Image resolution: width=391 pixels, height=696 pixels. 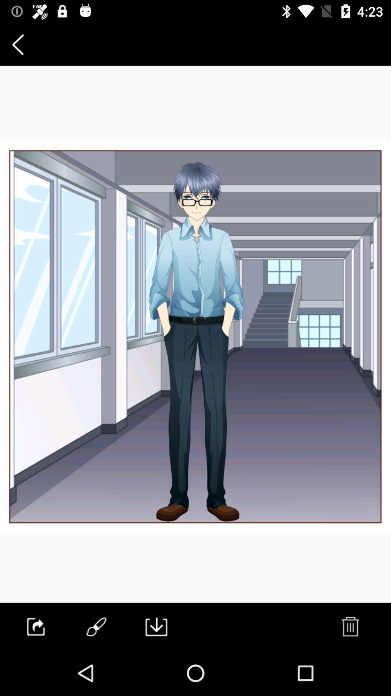 I want to click on the launch icon, so click(x=35, y=626).